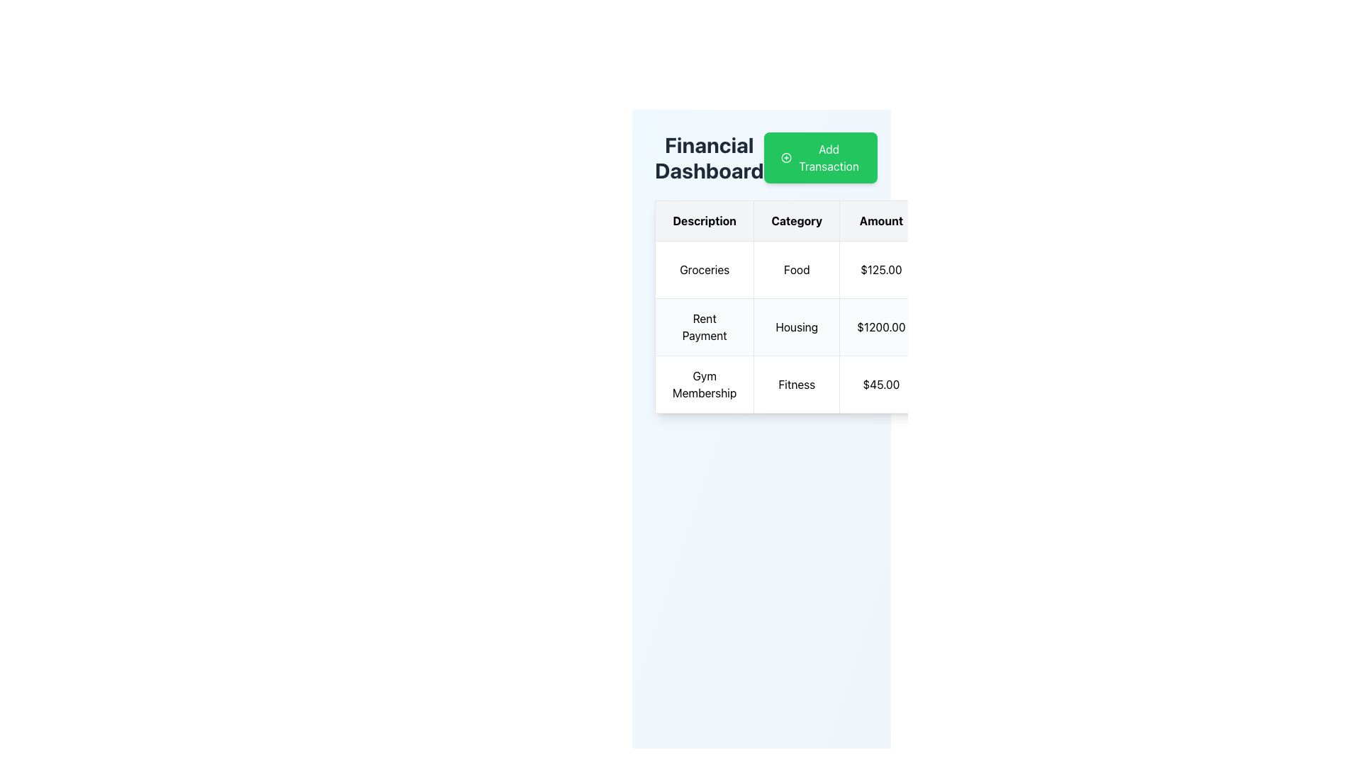 Image resolution: width=1361 pixels, height=765 pixels. I want to click on the outer circle of the graphical icon within the green 'Add Transaction' button, which enhances the visual representation of adding a transaction, so click(785, 158).